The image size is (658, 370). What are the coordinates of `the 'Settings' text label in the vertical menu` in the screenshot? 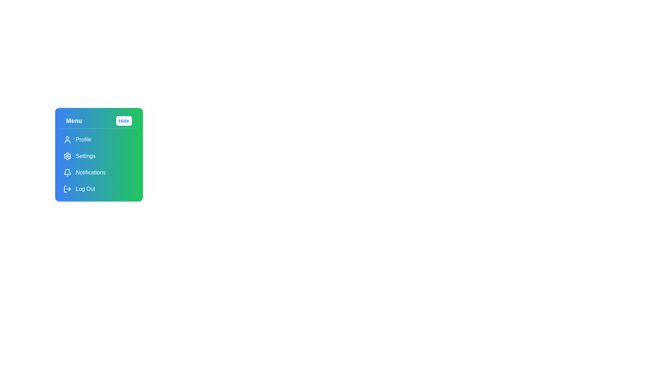 It's located at (85, 156).